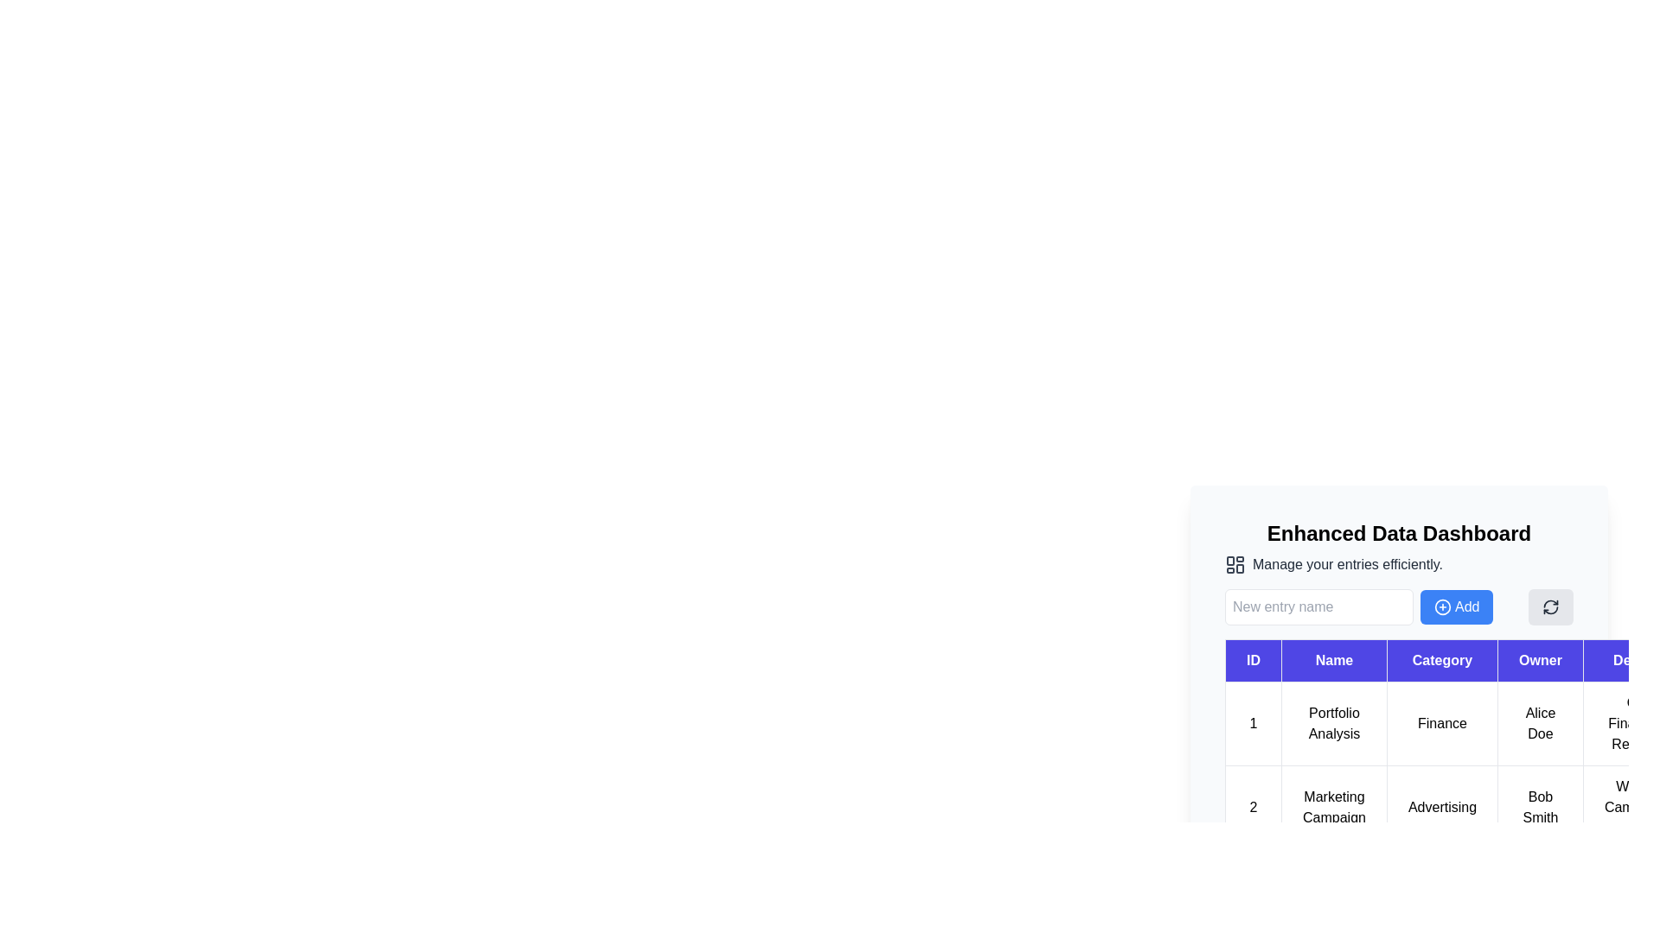 This screenshot has width=1660, height=933. What do you see at coordinates (1333, 660) in the screenshot?
I see `text in the Table Header Cell for the 'Name' column, which indicates the data pertains to names` at bounding box center [1333, 660].